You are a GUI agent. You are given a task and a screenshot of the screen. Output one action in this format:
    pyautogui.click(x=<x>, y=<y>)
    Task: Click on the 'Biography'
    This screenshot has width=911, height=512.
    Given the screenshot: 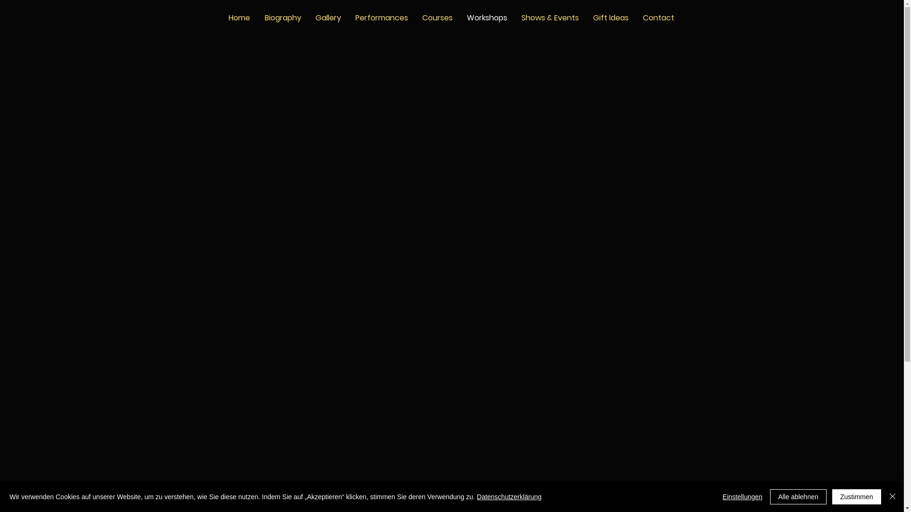 What is the action you would take?
    pyautogui.click(x=282, y=16)
    